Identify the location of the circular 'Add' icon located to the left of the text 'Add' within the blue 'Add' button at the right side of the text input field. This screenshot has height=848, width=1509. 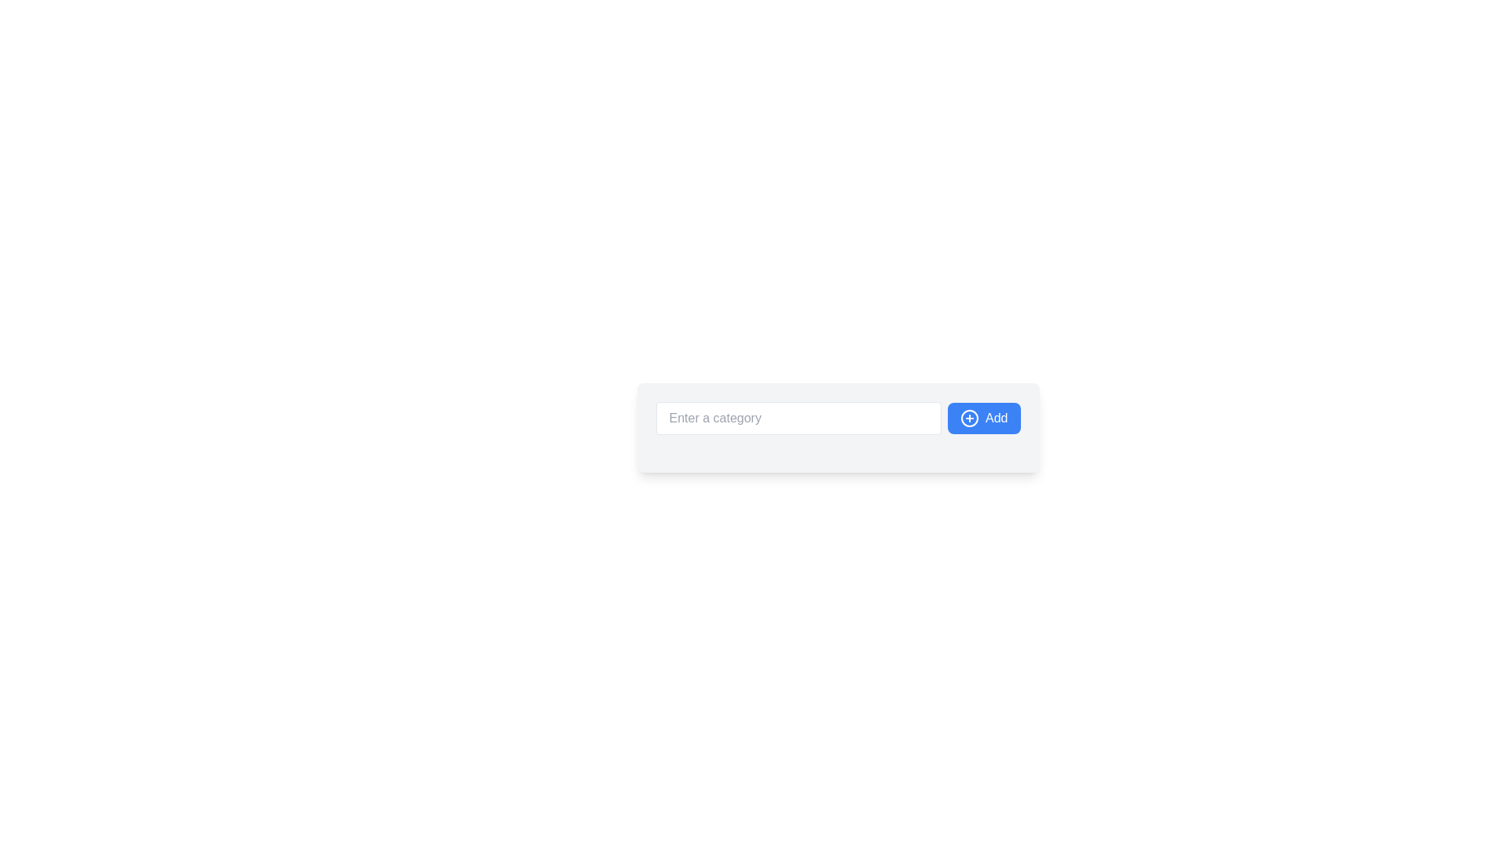
(968, 417).